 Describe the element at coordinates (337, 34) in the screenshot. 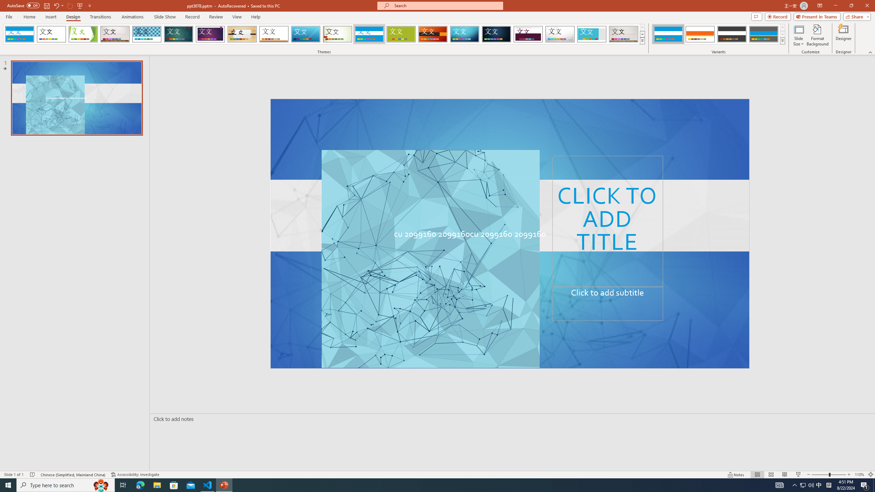

I see `'Wisp'` at that location.